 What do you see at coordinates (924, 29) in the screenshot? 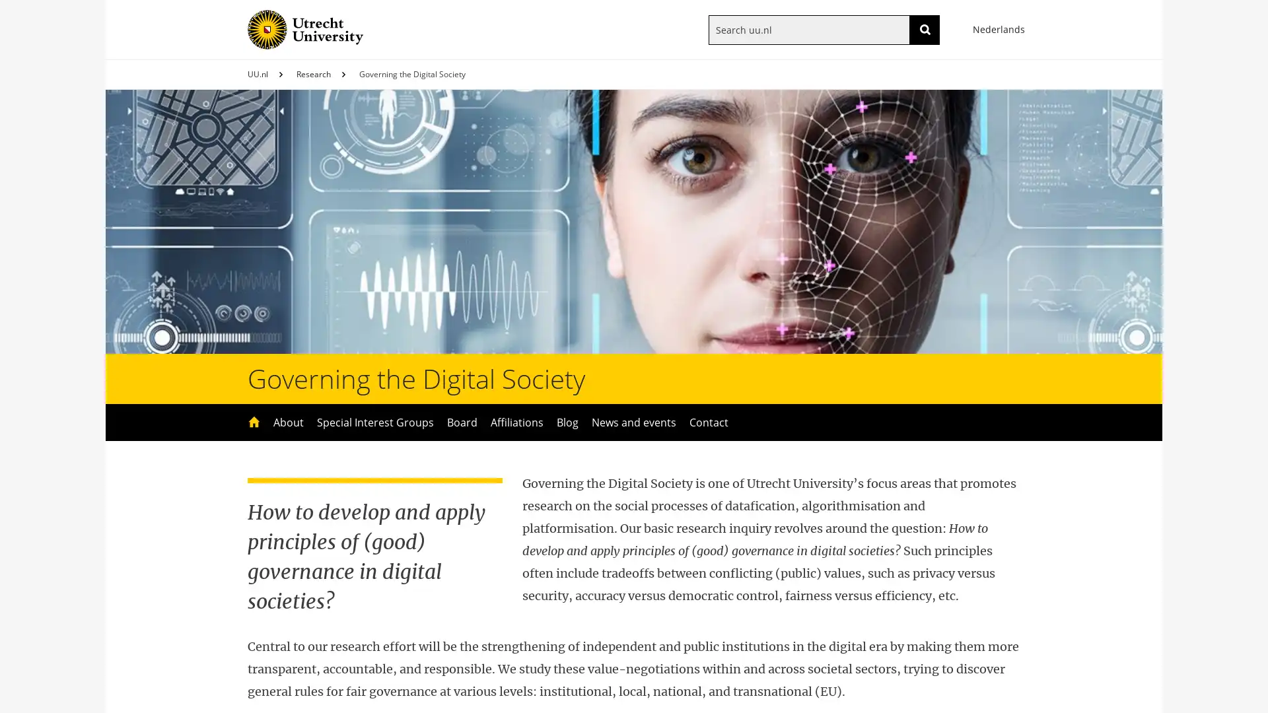
I see `SEARCH` at bounding box center [924, 29].